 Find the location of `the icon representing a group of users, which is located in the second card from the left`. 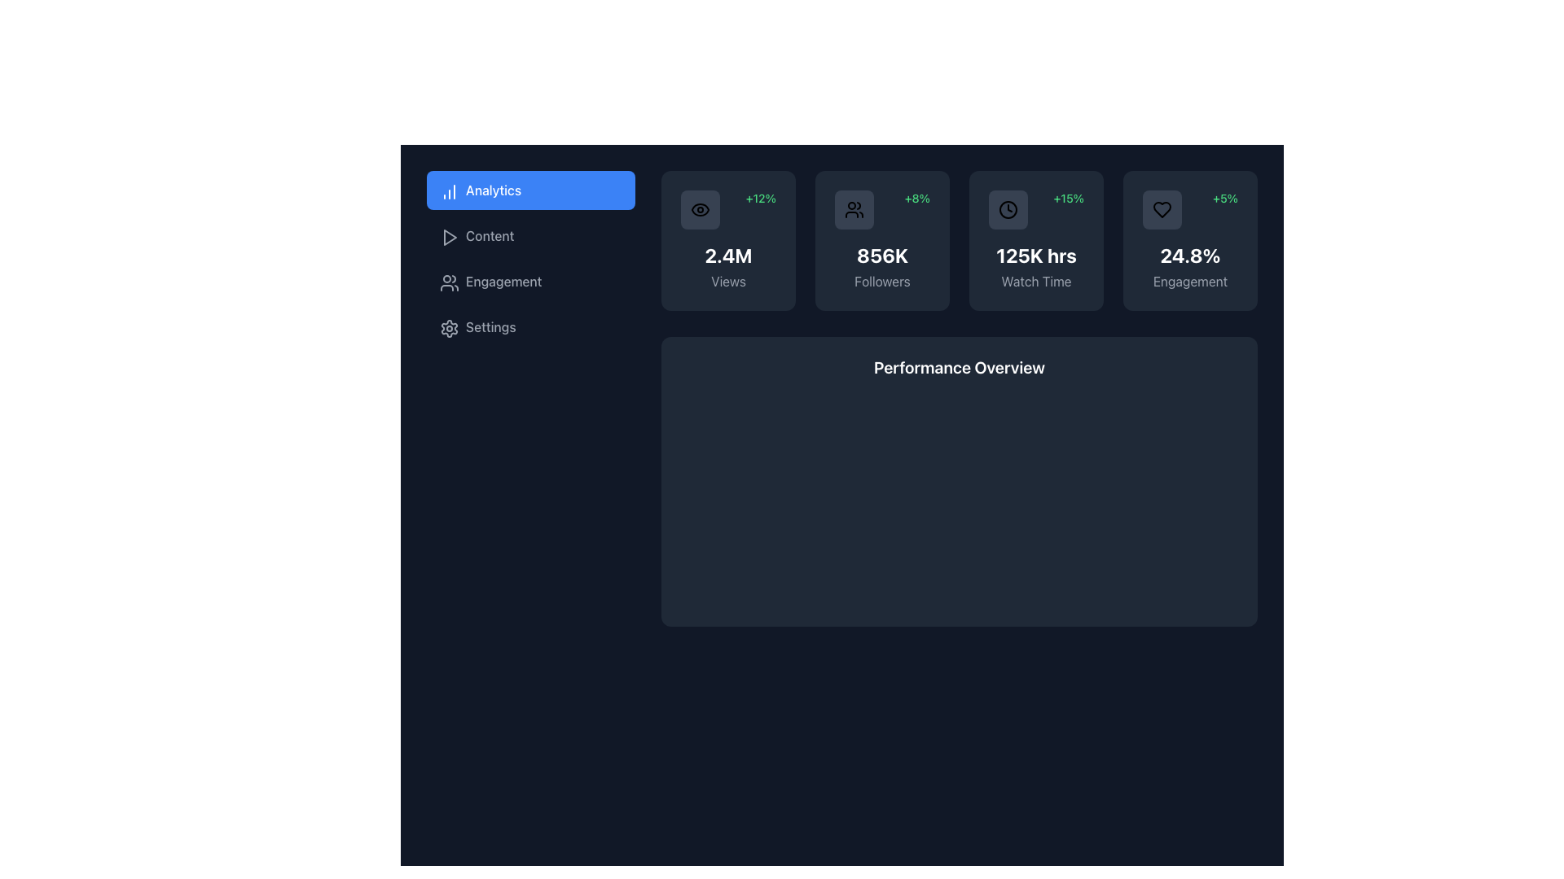

the icon representing a group of users, which is located in the second card from the left is located at coordinates (854, 209).